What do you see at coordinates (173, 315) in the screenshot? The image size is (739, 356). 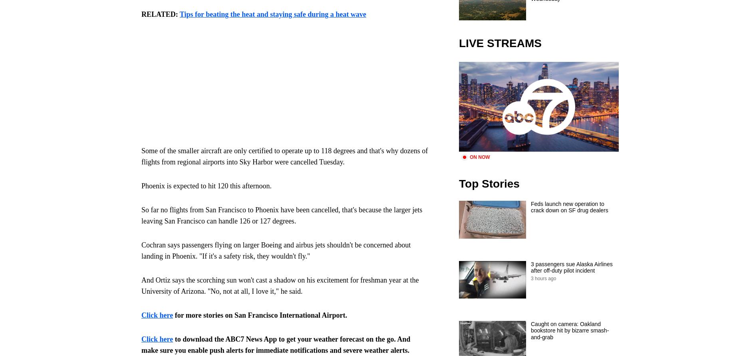 I see `'for more stories on San Francisco International Airport.'` at bounding box center [173, 315].